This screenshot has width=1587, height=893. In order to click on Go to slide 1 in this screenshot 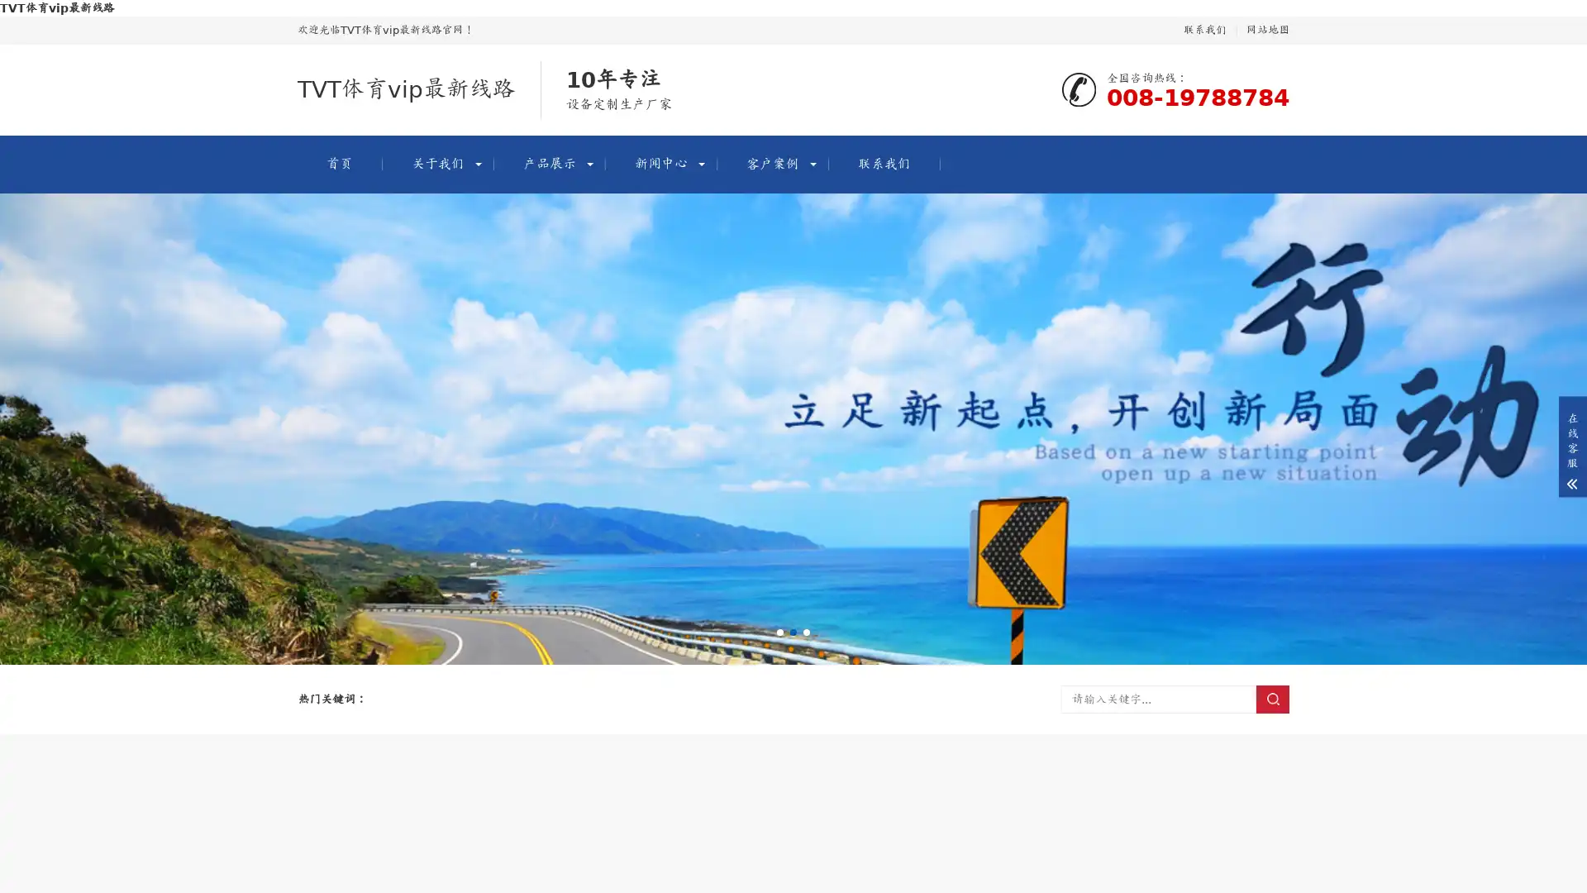, I will do `click(779, 632)`.